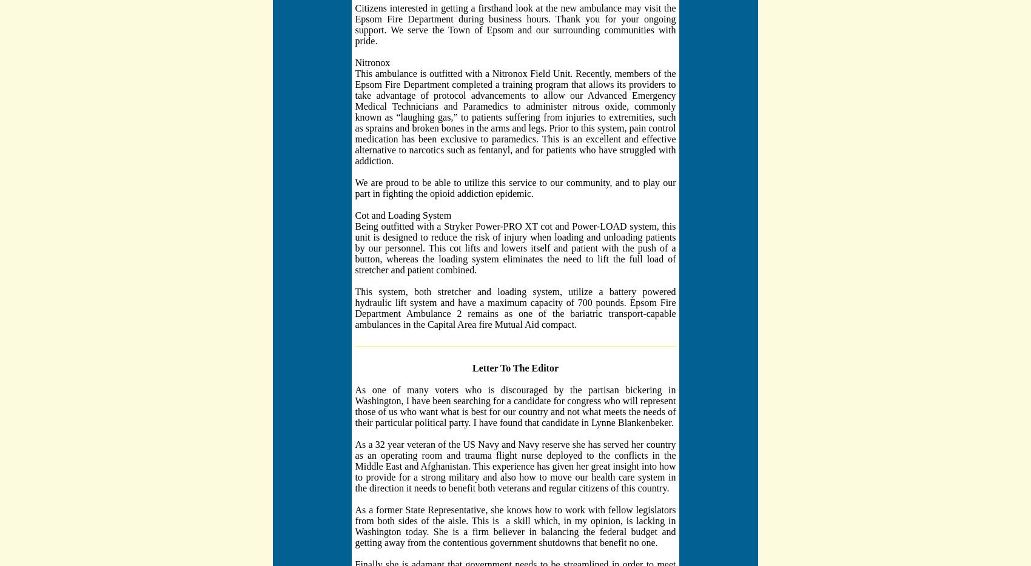 This screenshot has width=1031, height=566. Describe the element at coordinates (354, 116) in the screenshot. I see `'This ambulance is
outfitted with a Nitronox Field Unit. Recently, members of the Epsom
Fire Department completed a training program that allows its
providers to take advantage of protocol advancements to allow our
Advanced Emergency Medical Technicians and Paramedics to administer
nitrous oxide, commonly known as “laughing gas,” to patients
suffering from injuries to extremities, such as sprains and broken
bones in the arms and legs. Prior to this system, pain control
medication has been exclusive to paramedics. This is an excellent
and effective alternative to narcotics such as fentanyl, and for
patients who have struggled with addiction.'` at that location.